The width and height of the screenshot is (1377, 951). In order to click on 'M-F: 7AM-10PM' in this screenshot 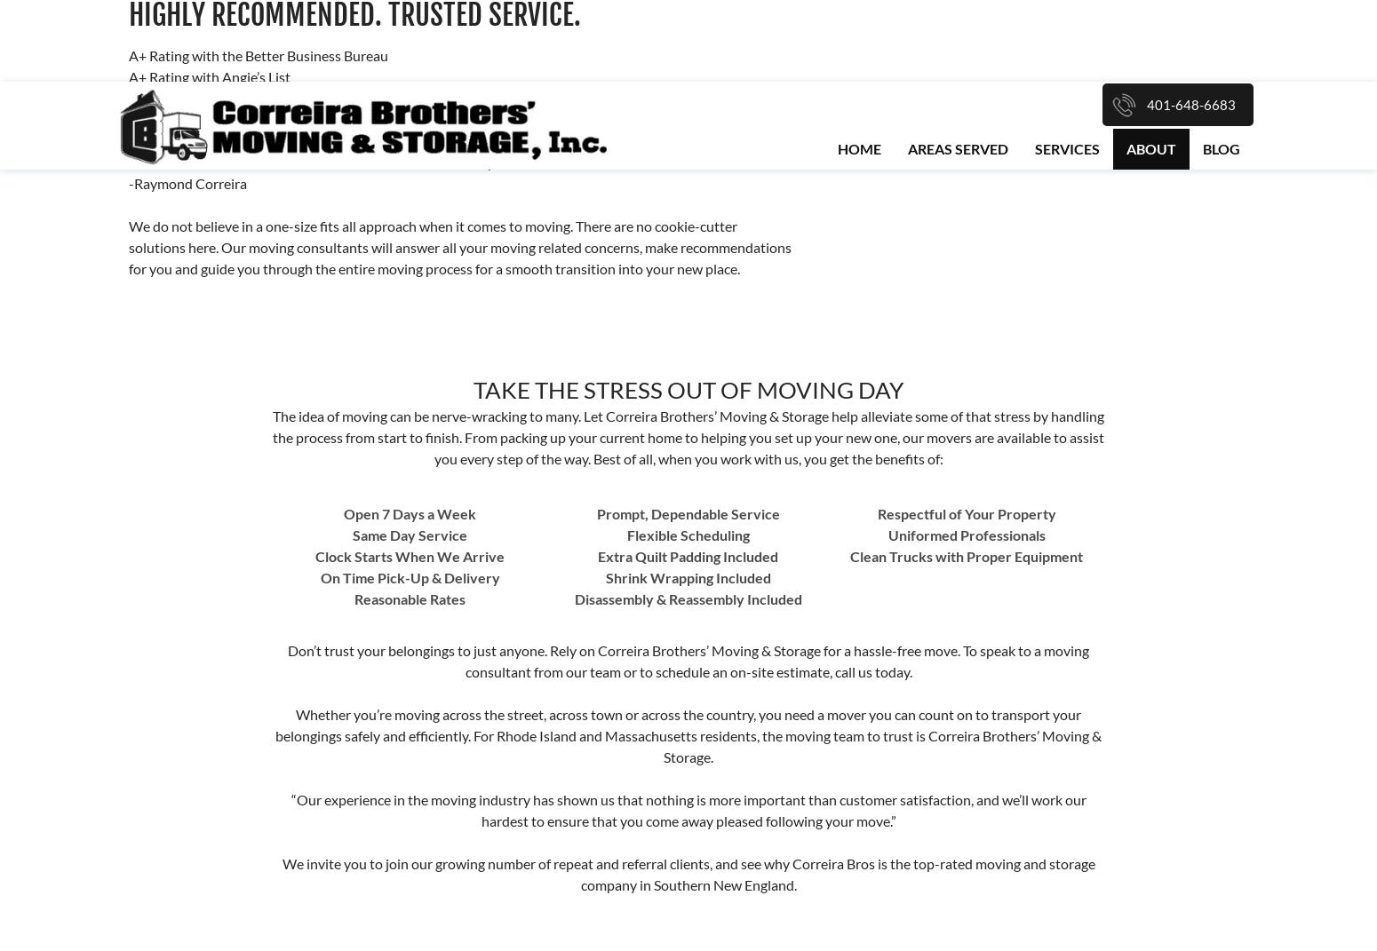, I will do `click(470, 660)`.